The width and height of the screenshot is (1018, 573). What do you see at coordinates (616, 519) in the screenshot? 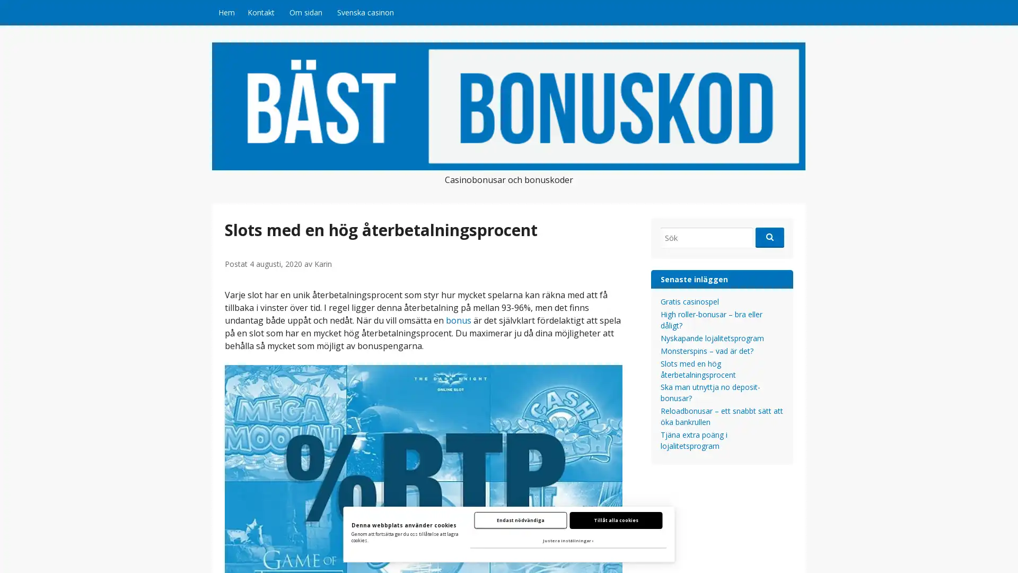
I see `Tillat alla cookies` at bounding box center [616, 519].